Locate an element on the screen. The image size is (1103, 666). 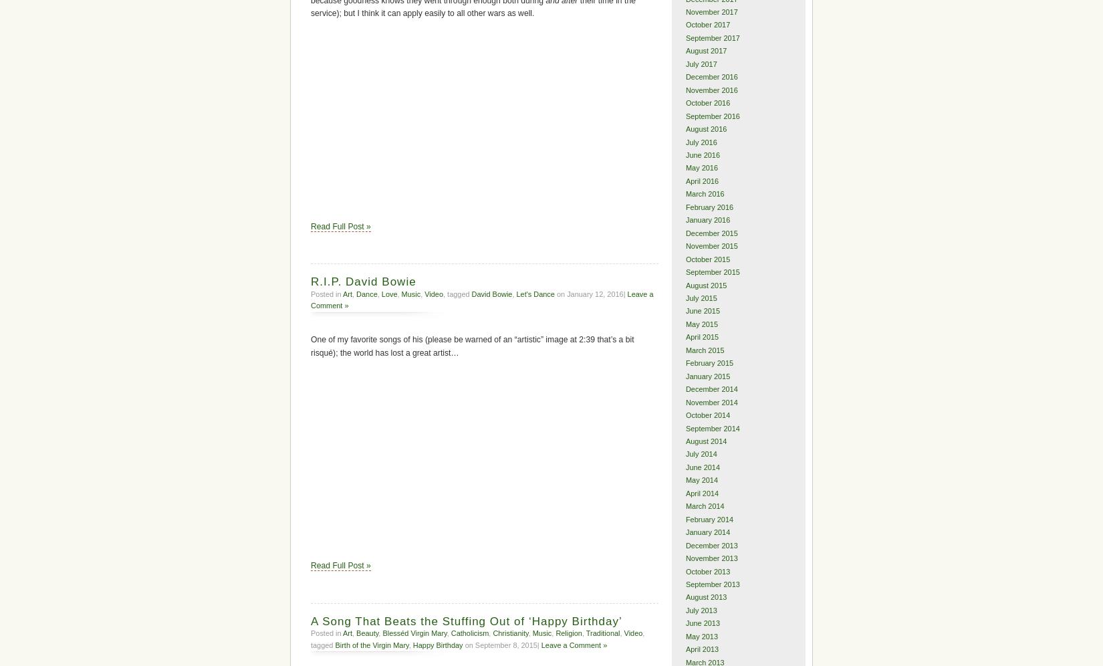
'January 2016' is located at coordinates (707, 219).